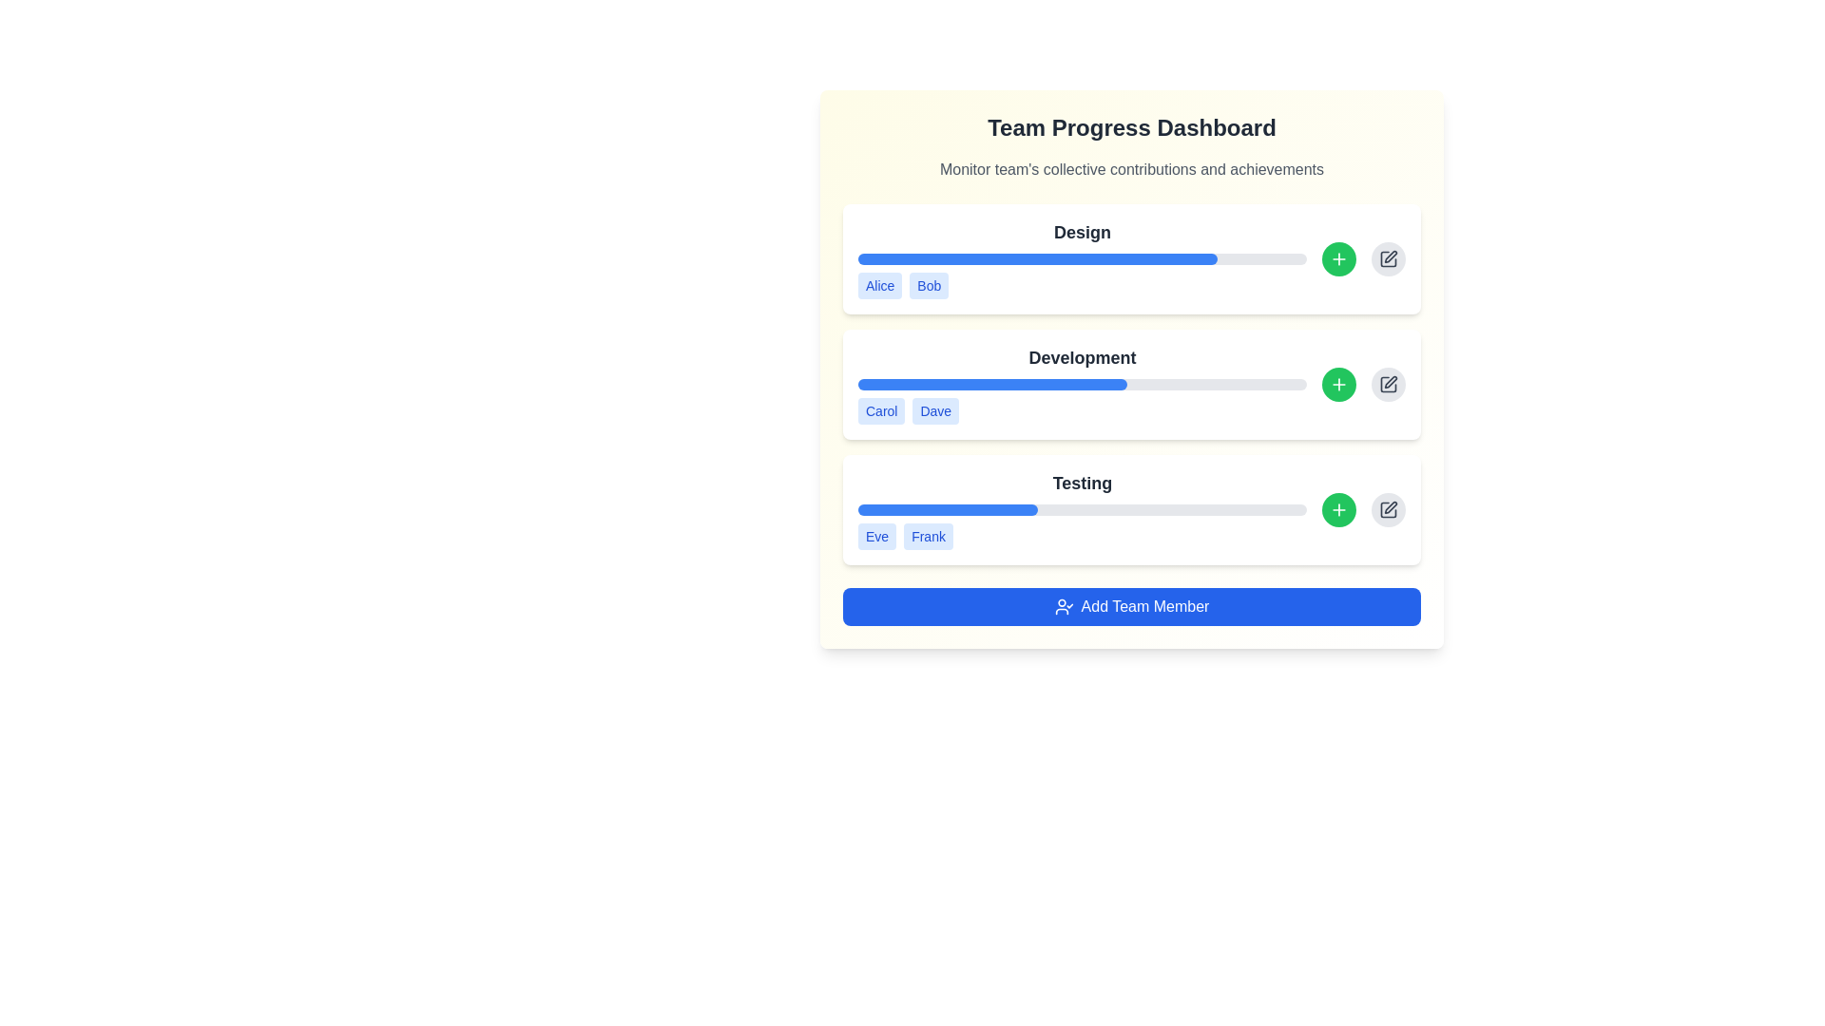 The width and height of the screenshot is (1825, 1026). What do you see at coordinates (1338, 385) in the screenshot?
I see `the button used to add a new element in the 'Development' section, located to the right of the 'Development' progress bar and adjacent to the 'Edit' button` at bounding box center [1338, 385].